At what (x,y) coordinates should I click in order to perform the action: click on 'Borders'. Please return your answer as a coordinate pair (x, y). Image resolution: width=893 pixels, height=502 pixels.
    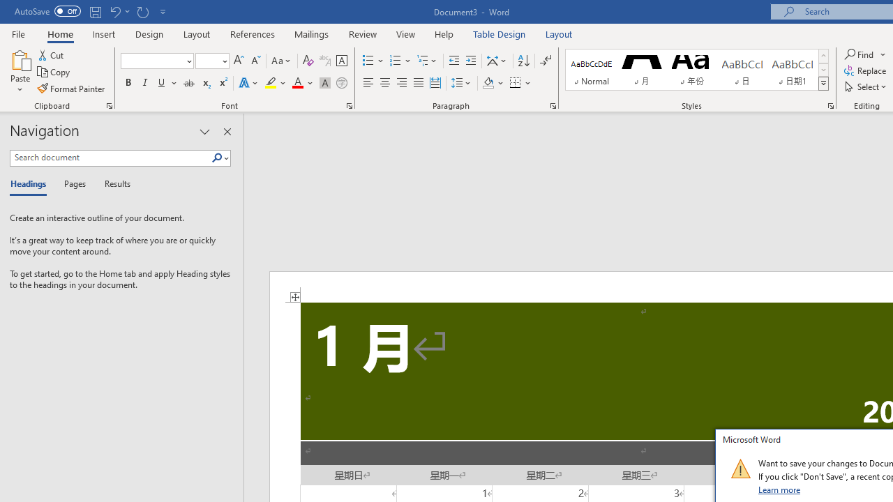
    Looking at the image, I should click on (520, 83).